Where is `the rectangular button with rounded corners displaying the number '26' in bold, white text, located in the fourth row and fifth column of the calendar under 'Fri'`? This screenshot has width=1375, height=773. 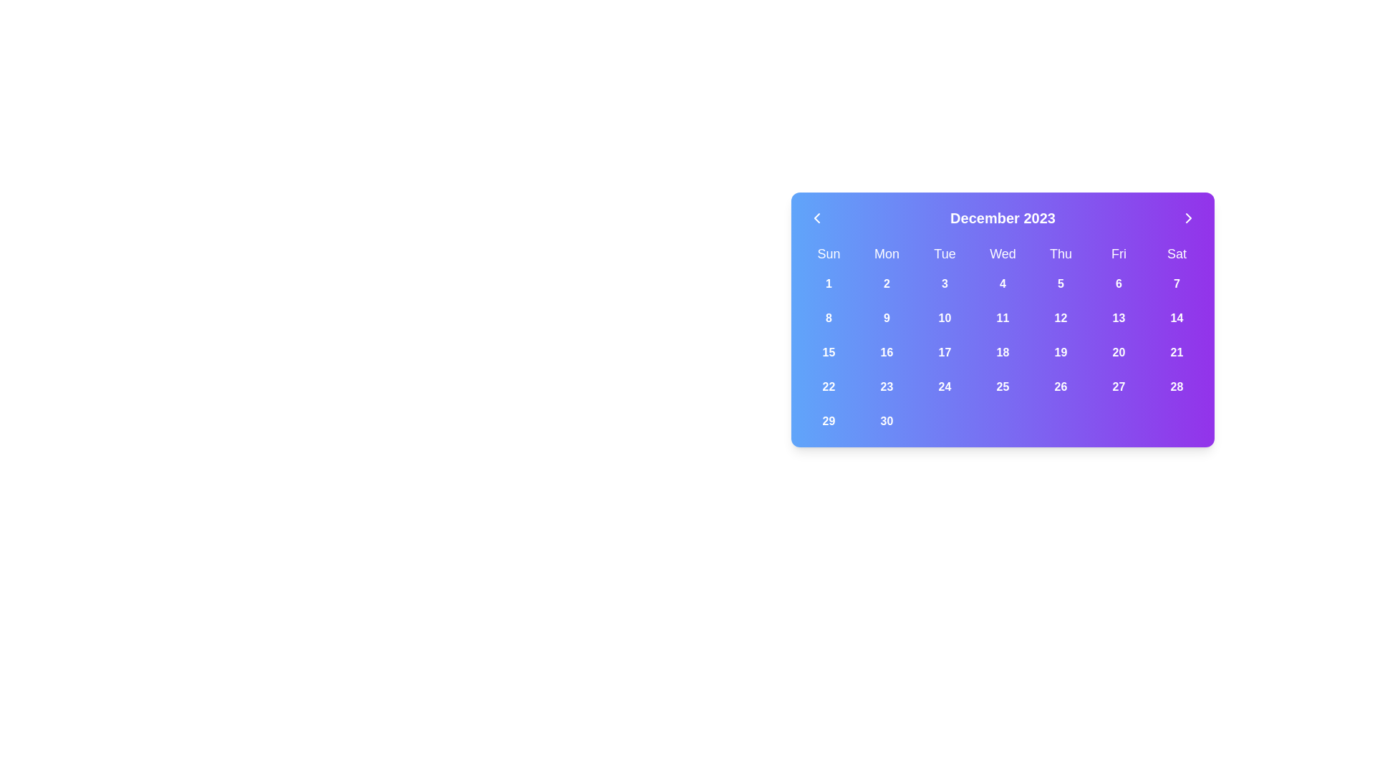 the rectangular button with rounded corners displaying the number '26' in bold, white text, located in the fourth row and fifth column of the calendar under 'Fri' is located at coordinates (1061, 386).